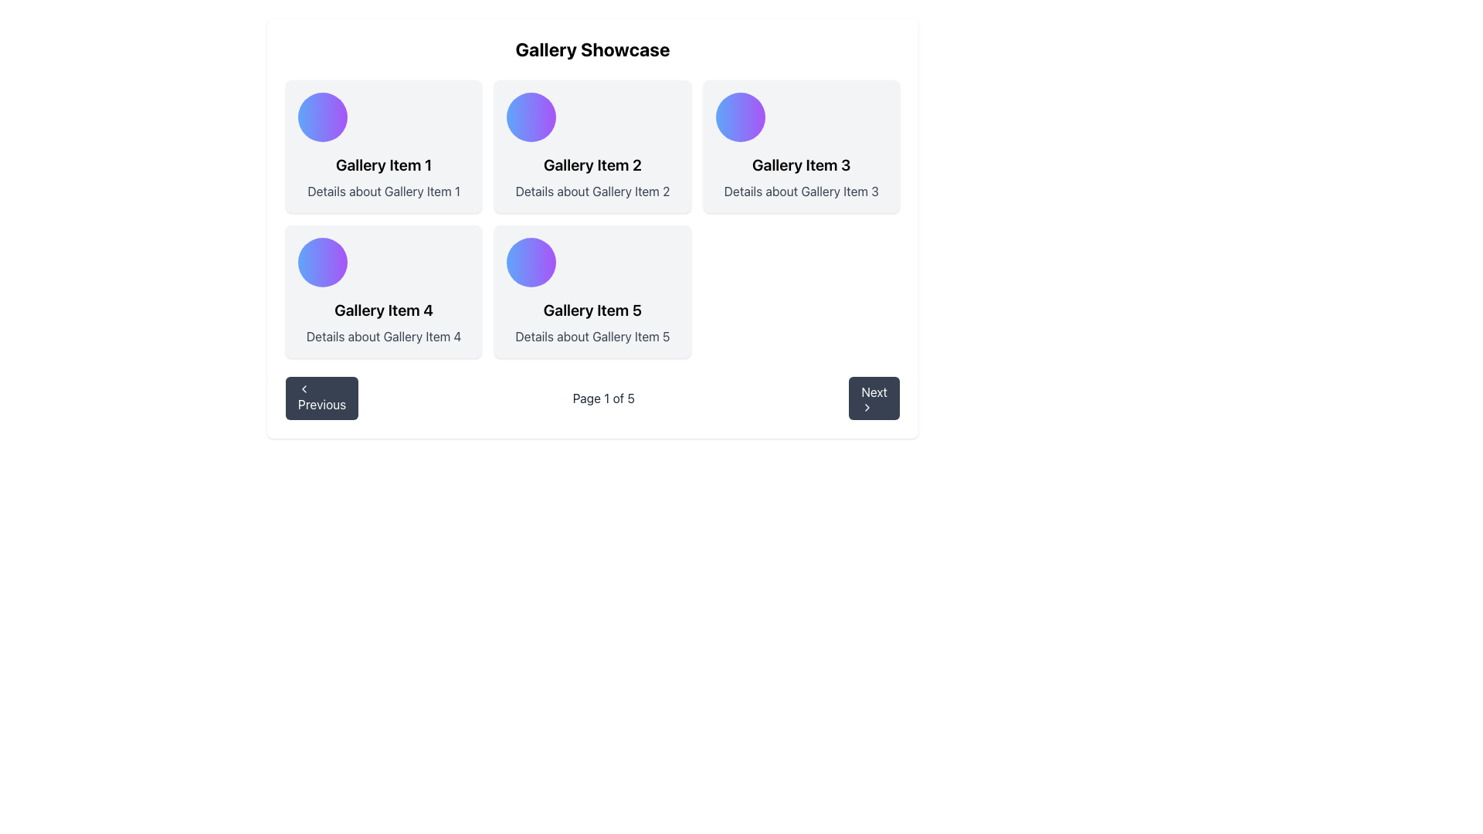 This screenshot has height=834, width=1483. I want to click on text content of the 'Gallery Item 4' label, which is styled prominently and positioned below a gradient icon, so click(384, 310).